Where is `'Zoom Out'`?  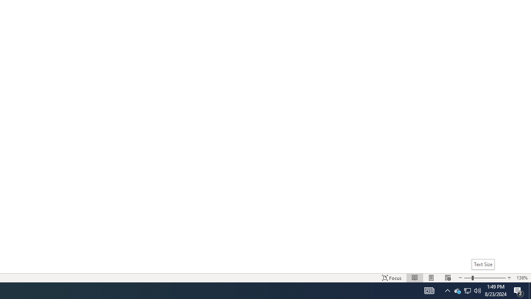
'Zoom Out' is located at coordinates (468, 278).